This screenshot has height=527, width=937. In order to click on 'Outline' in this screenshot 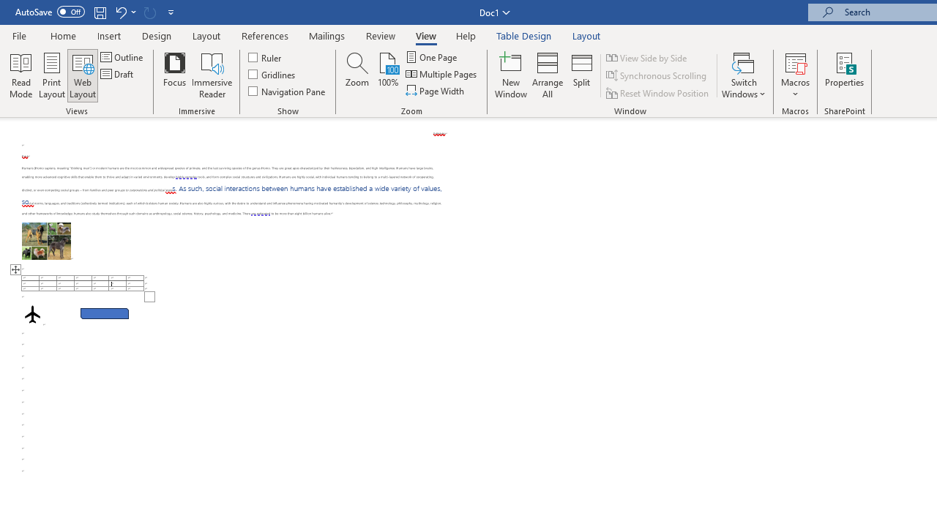, I will do `click(123, 56)`.